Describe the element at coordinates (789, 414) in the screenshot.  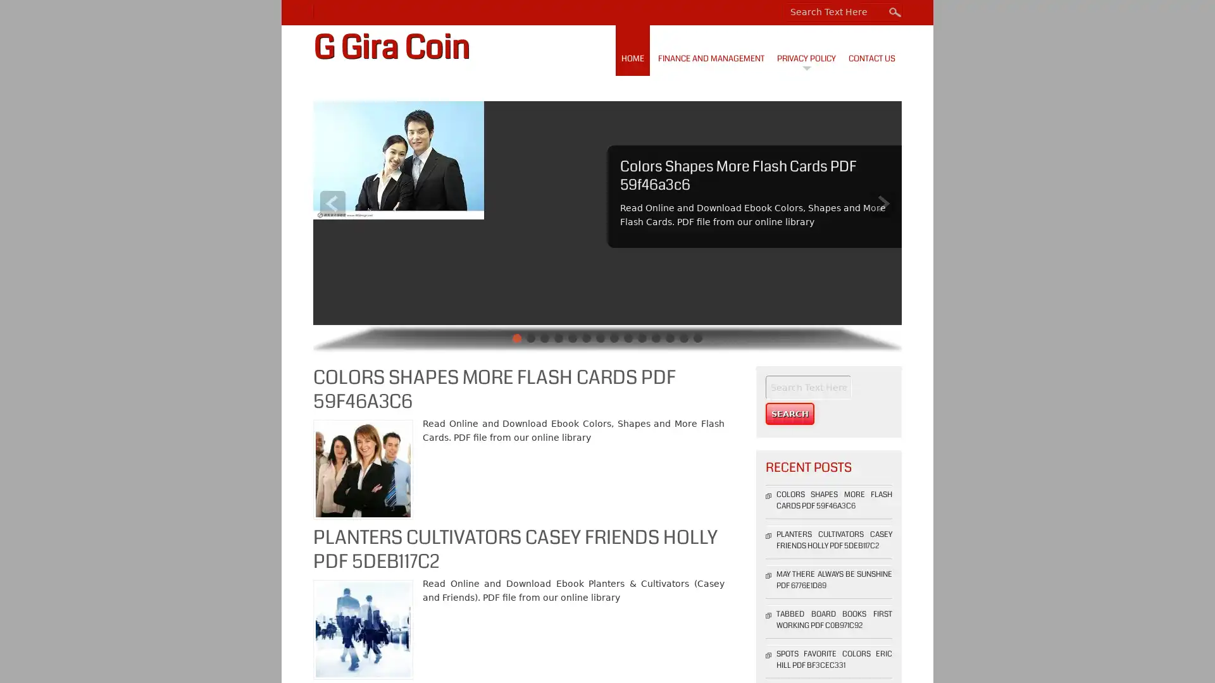
I see `Search` at that location.